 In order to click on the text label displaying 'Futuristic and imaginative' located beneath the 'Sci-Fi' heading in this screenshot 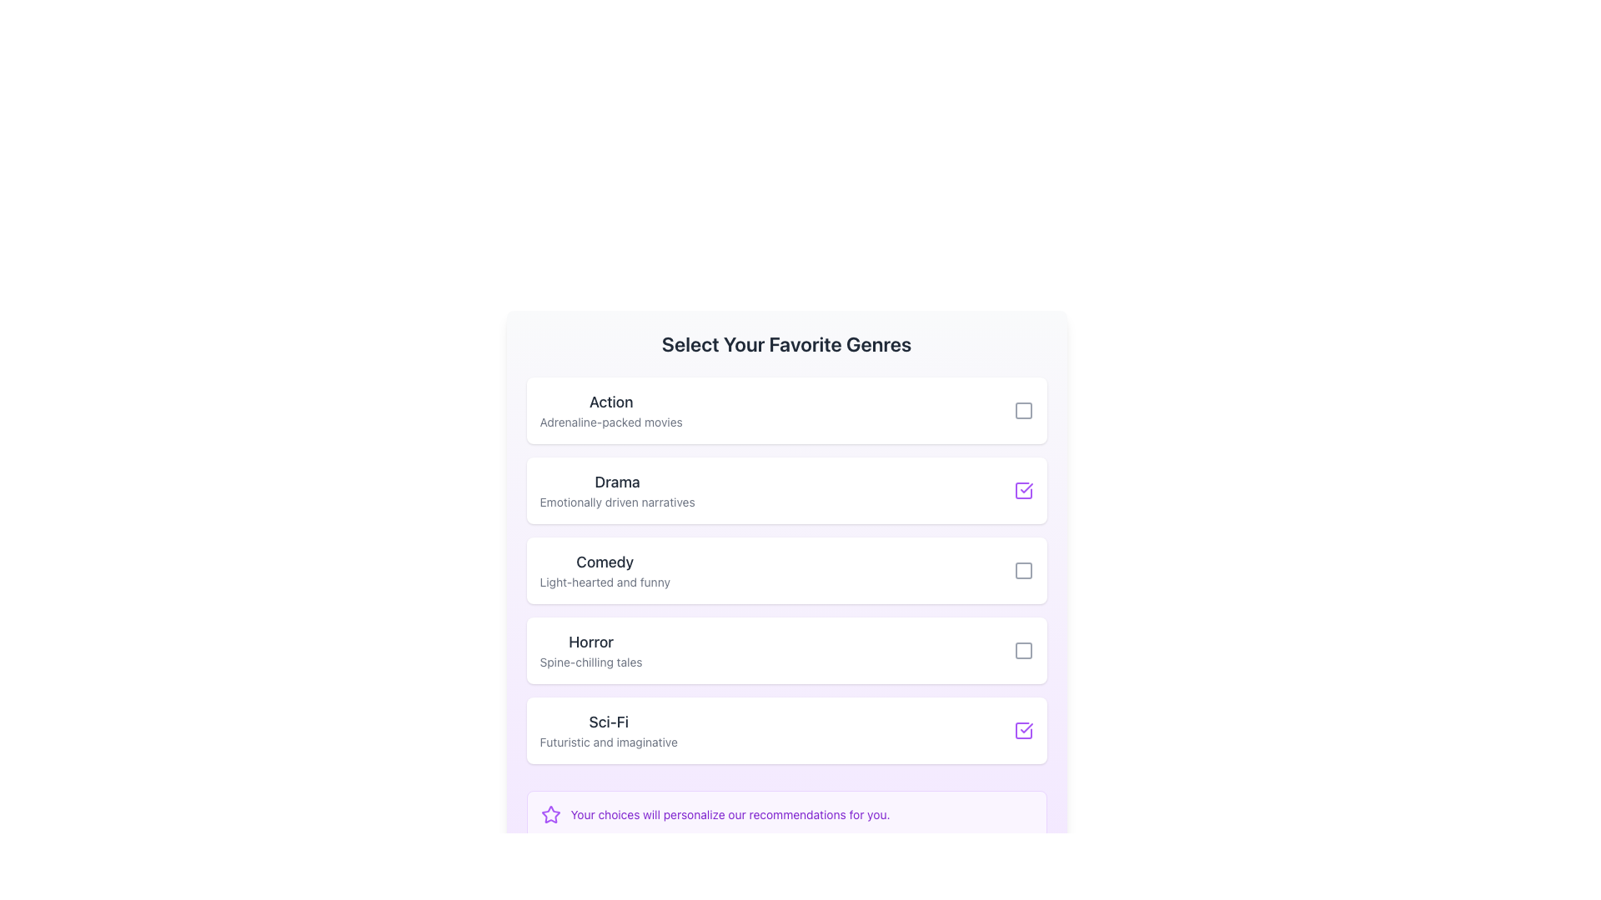, I will do `click(608, 742)`.